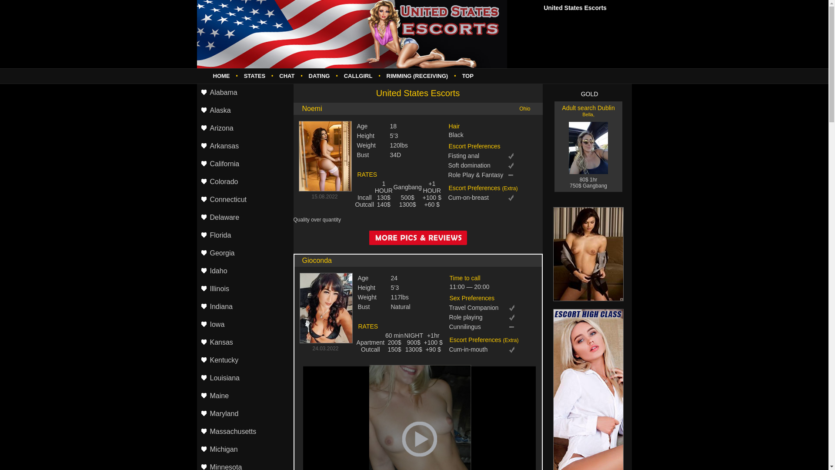 This screenshot has height=470, width=835. I want to click on 'CALLGIRL', so click(339, 75).